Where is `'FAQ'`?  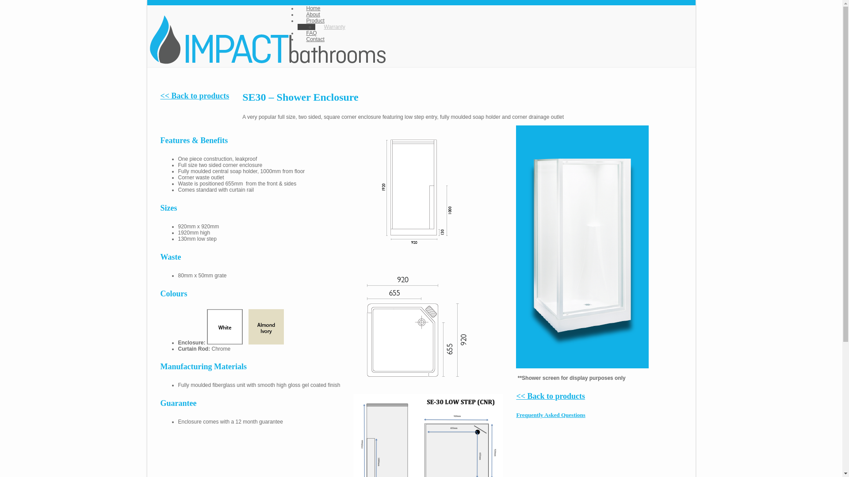
'FAQ' is located at coordinates (297, 32).